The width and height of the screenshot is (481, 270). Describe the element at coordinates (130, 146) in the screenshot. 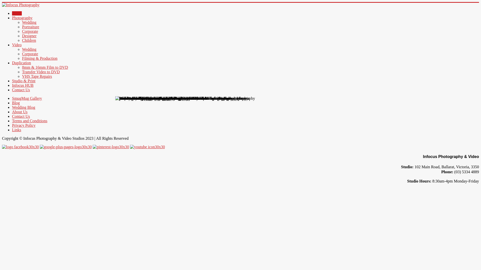

I see `'YouTube'` at that location.